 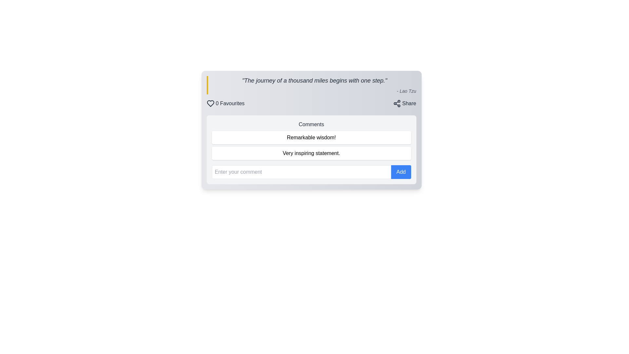 What do you see at coordinates (404, 103) in the screenshot?
I see `the 'Share' button with icon and text, which is styled in dark gray and changes to blue on hover, located on the right side adjacent to '0 Favourites'` at bounding box center [404, 103].